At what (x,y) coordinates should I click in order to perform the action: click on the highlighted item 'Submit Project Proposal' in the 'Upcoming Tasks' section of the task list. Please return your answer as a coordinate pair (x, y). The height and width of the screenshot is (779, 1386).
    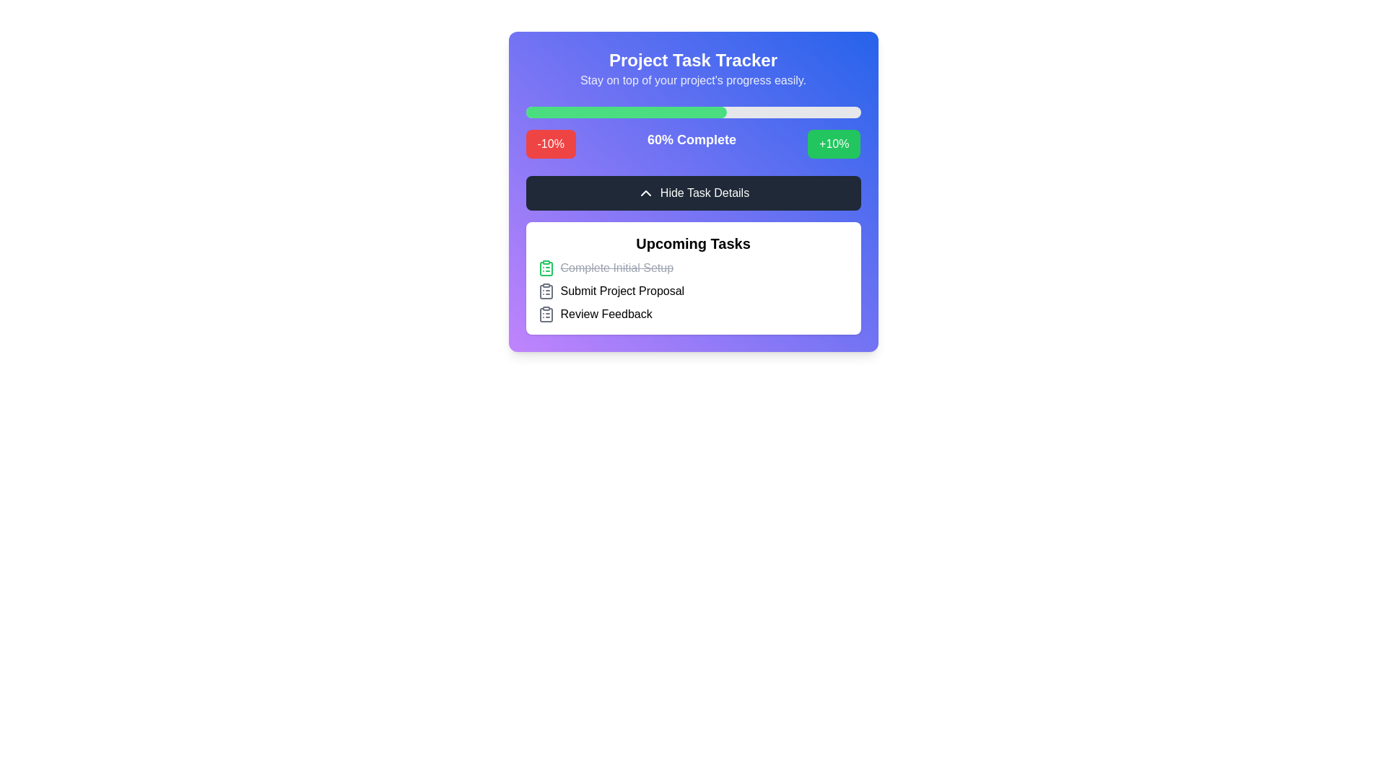
    Looking at the image, I should click on (693, 291).